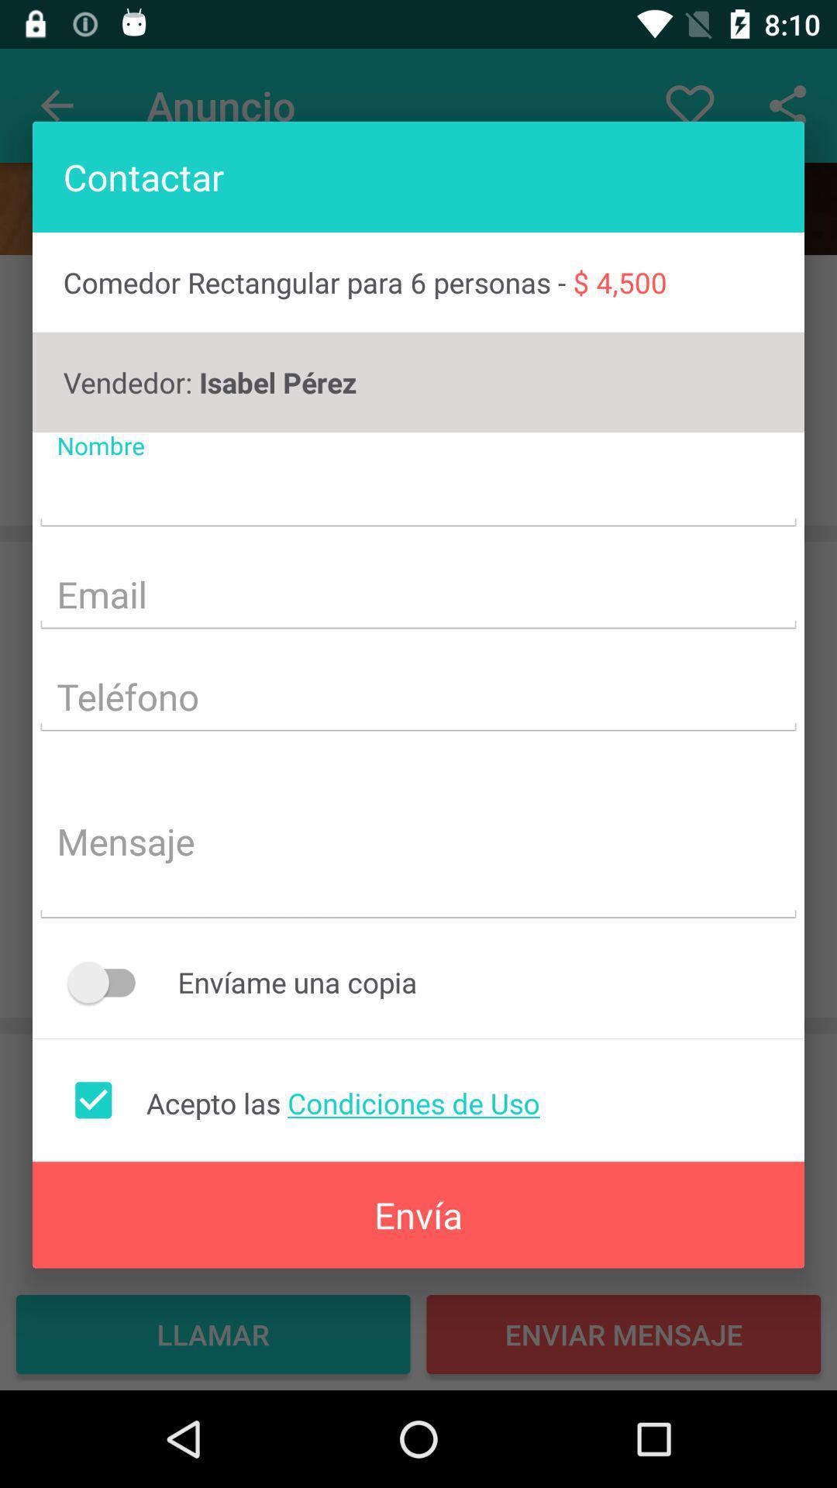  I want to click on accept the condition, so click(93, 1099).